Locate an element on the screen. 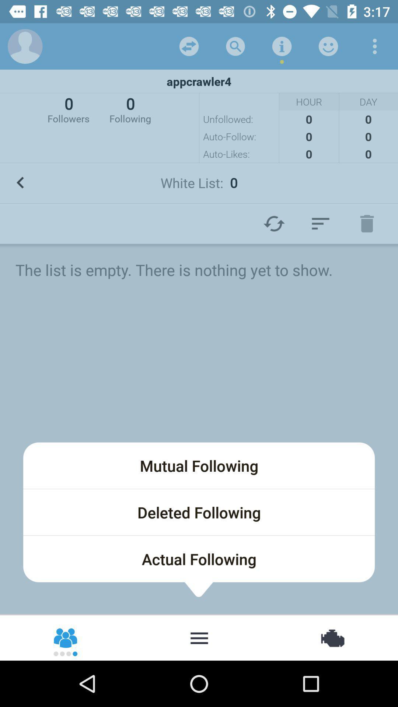 The height and width of the screenshot is (707, 398). the item below the list is icon is located at coordinates (199, 465).